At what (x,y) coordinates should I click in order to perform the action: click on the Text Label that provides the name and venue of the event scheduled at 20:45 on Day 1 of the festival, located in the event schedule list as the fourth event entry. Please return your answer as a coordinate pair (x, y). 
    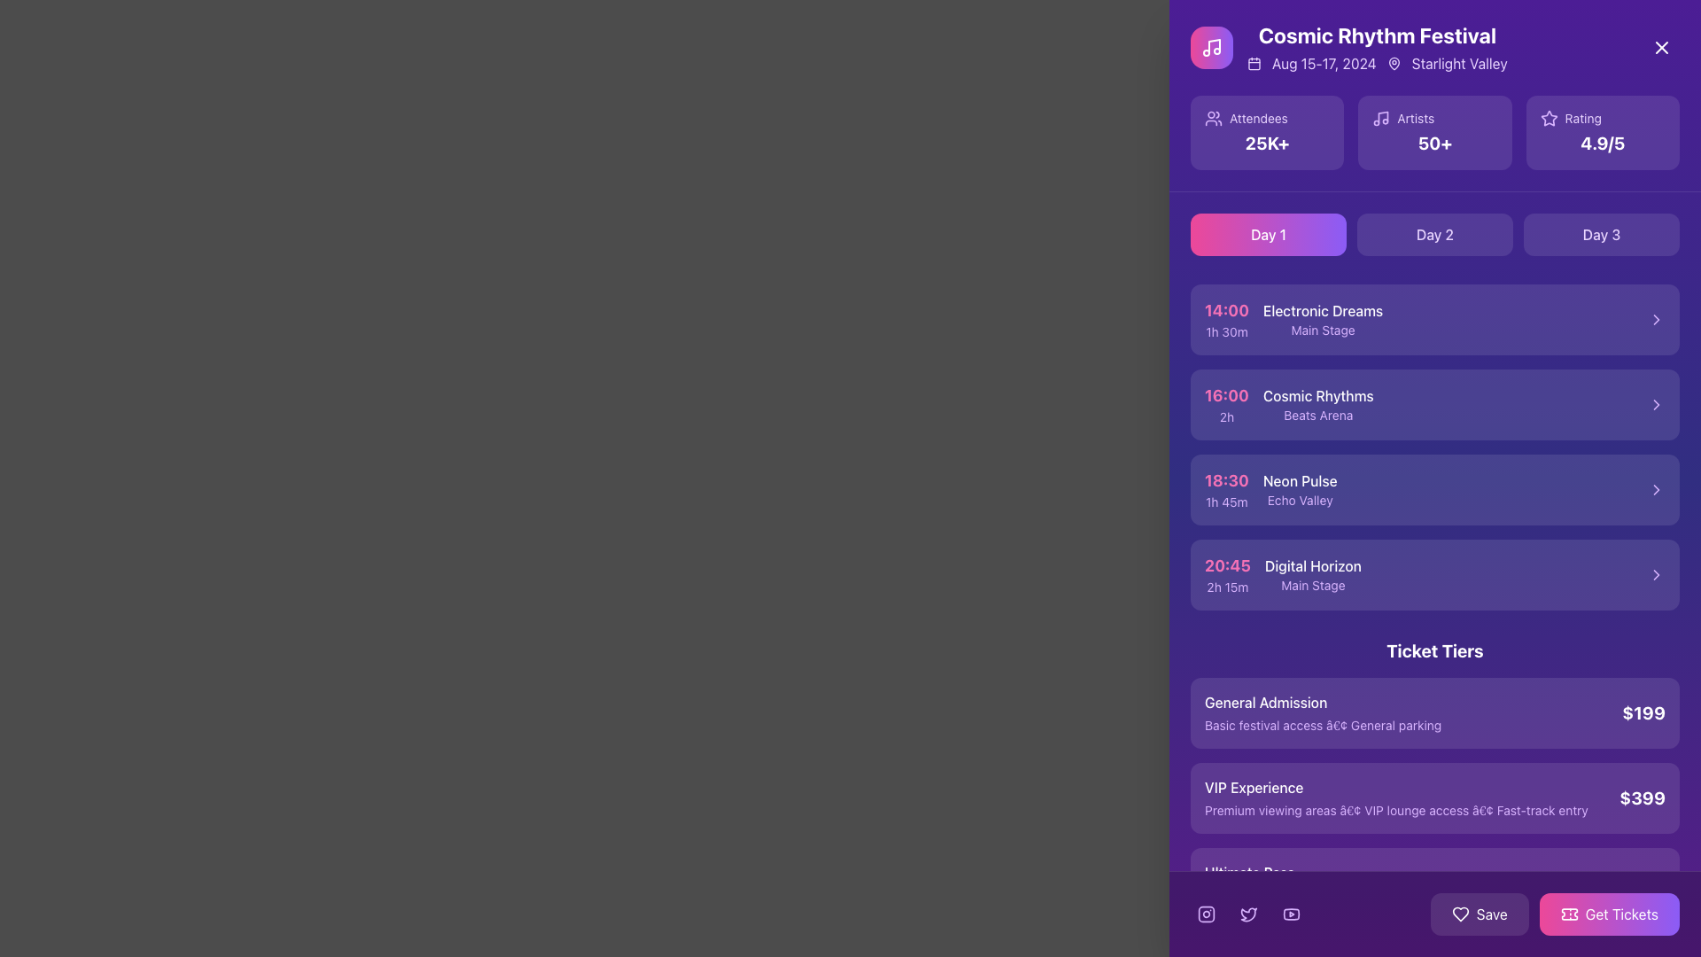
    Looking at the image, I should click on (1313, 574).